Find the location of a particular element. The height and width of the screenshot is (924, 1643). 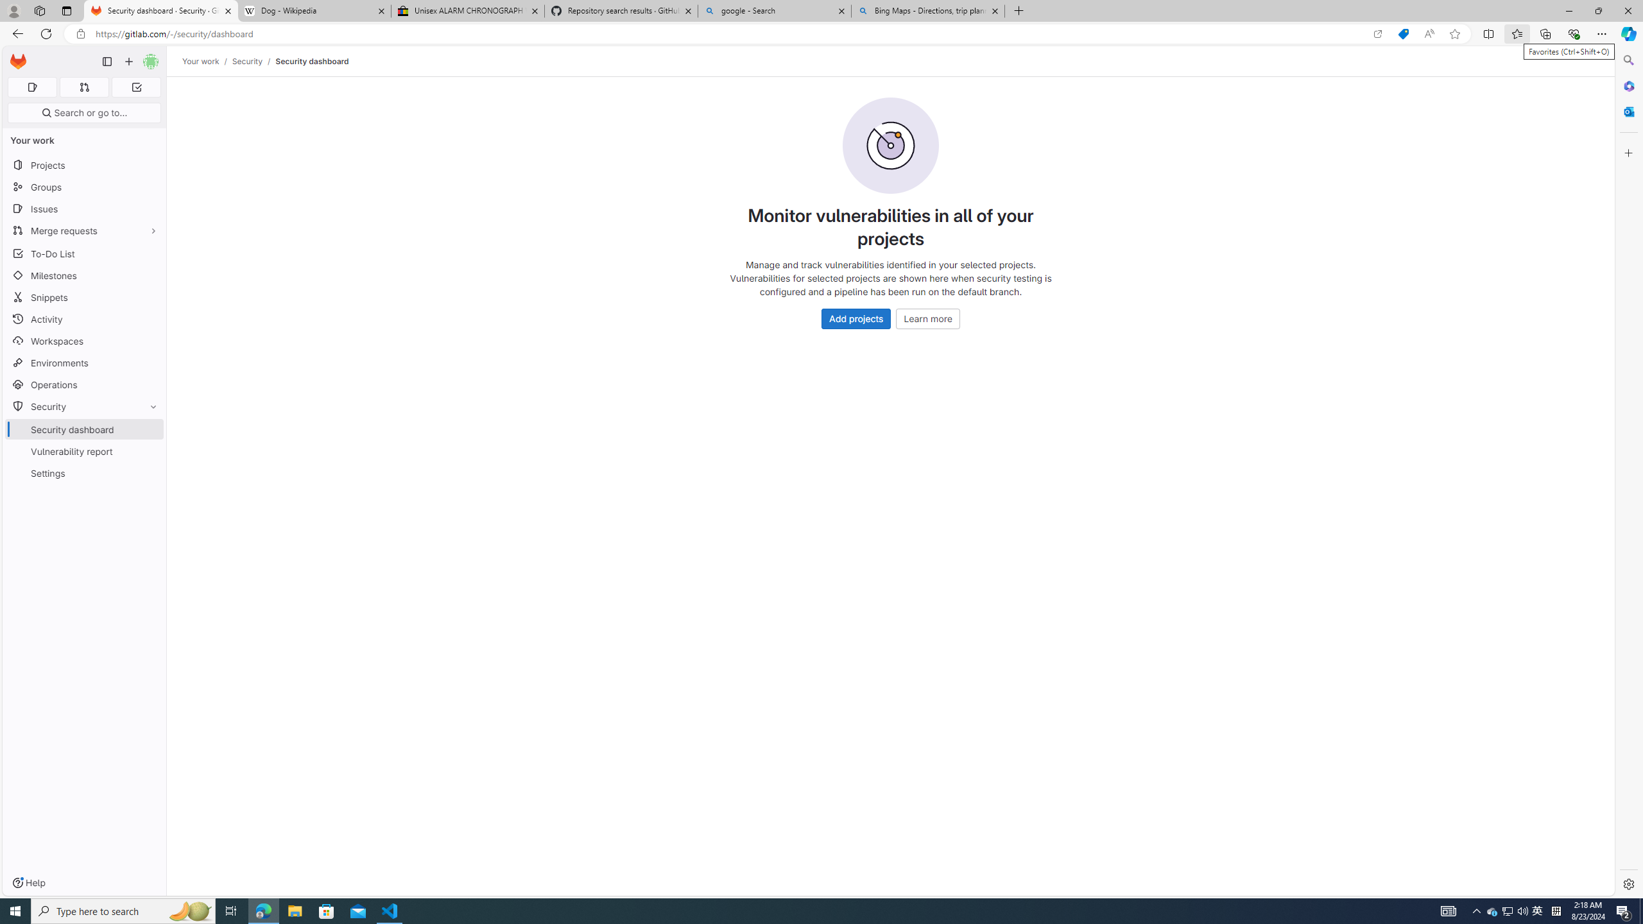

'Projects' is located at coordinates (83, 164).